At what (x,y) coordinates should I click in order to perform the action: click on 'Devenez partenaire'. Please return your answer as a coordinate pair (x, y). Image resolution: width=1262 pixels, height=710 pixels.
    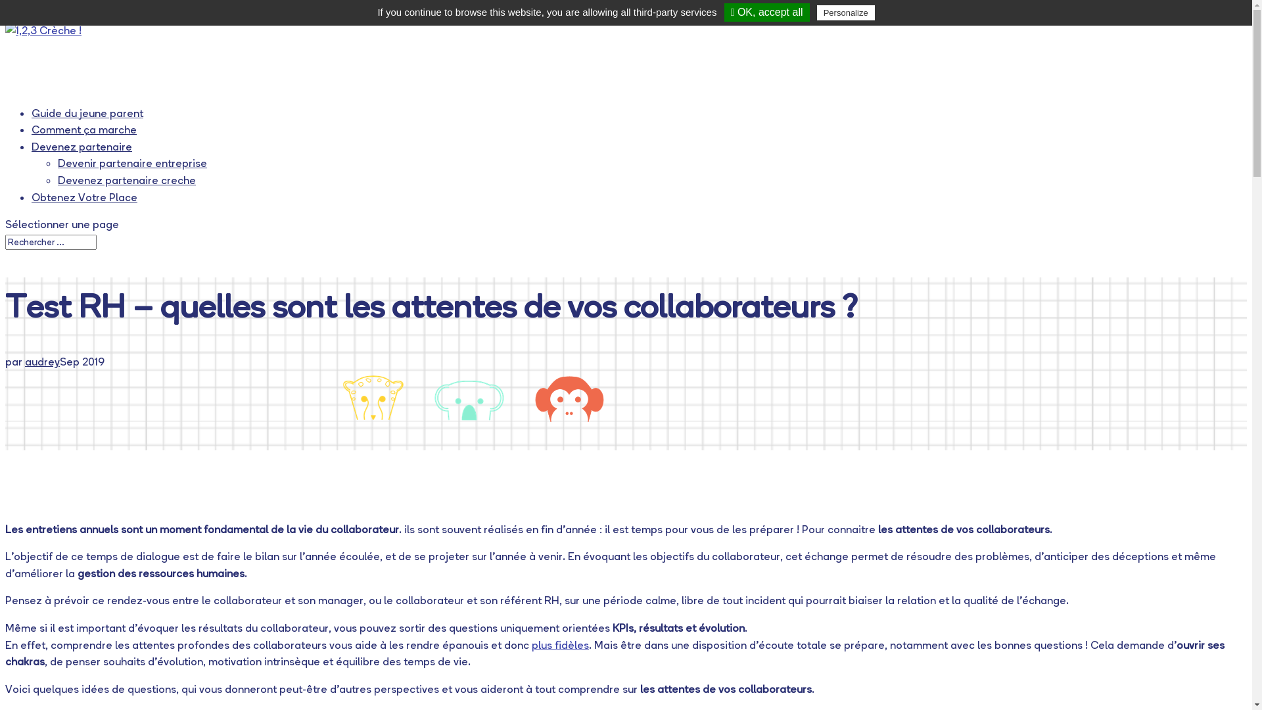
    Looking at the image, I should click on (81, 152).